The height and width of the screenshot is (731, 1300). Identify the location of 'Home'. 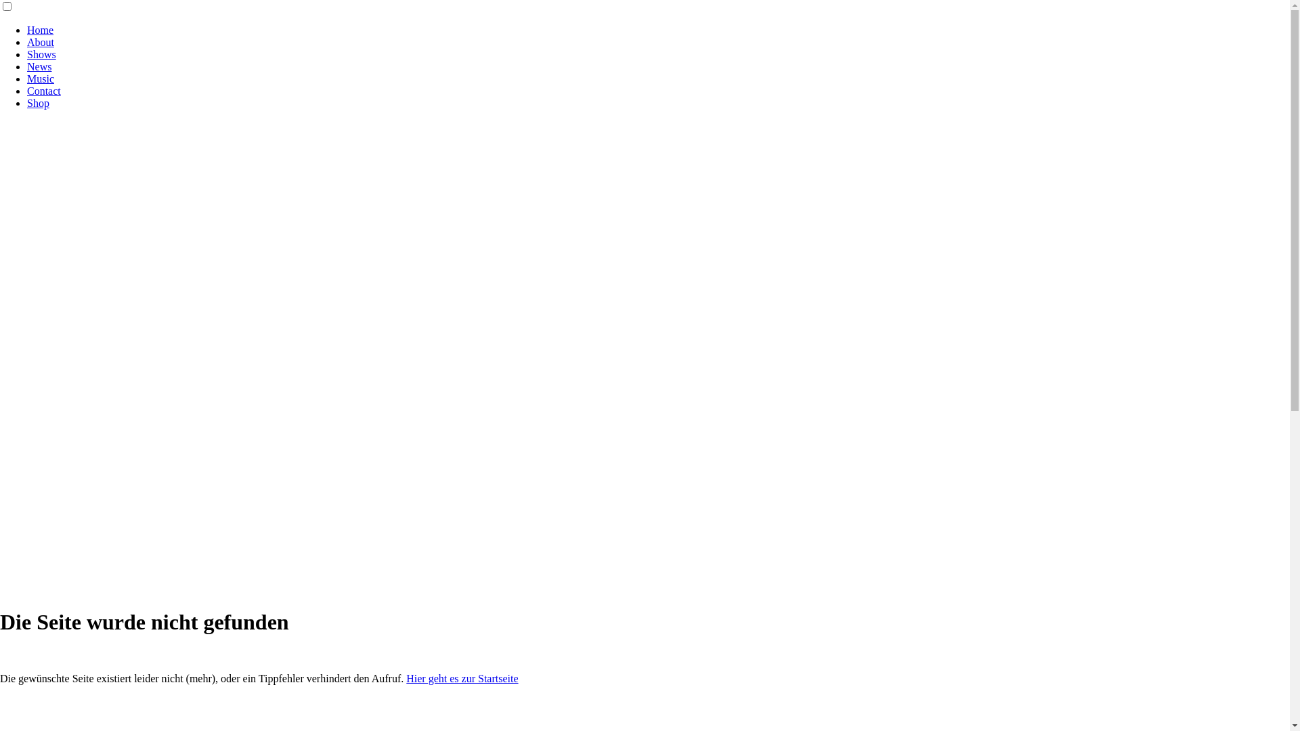
(26, 30).